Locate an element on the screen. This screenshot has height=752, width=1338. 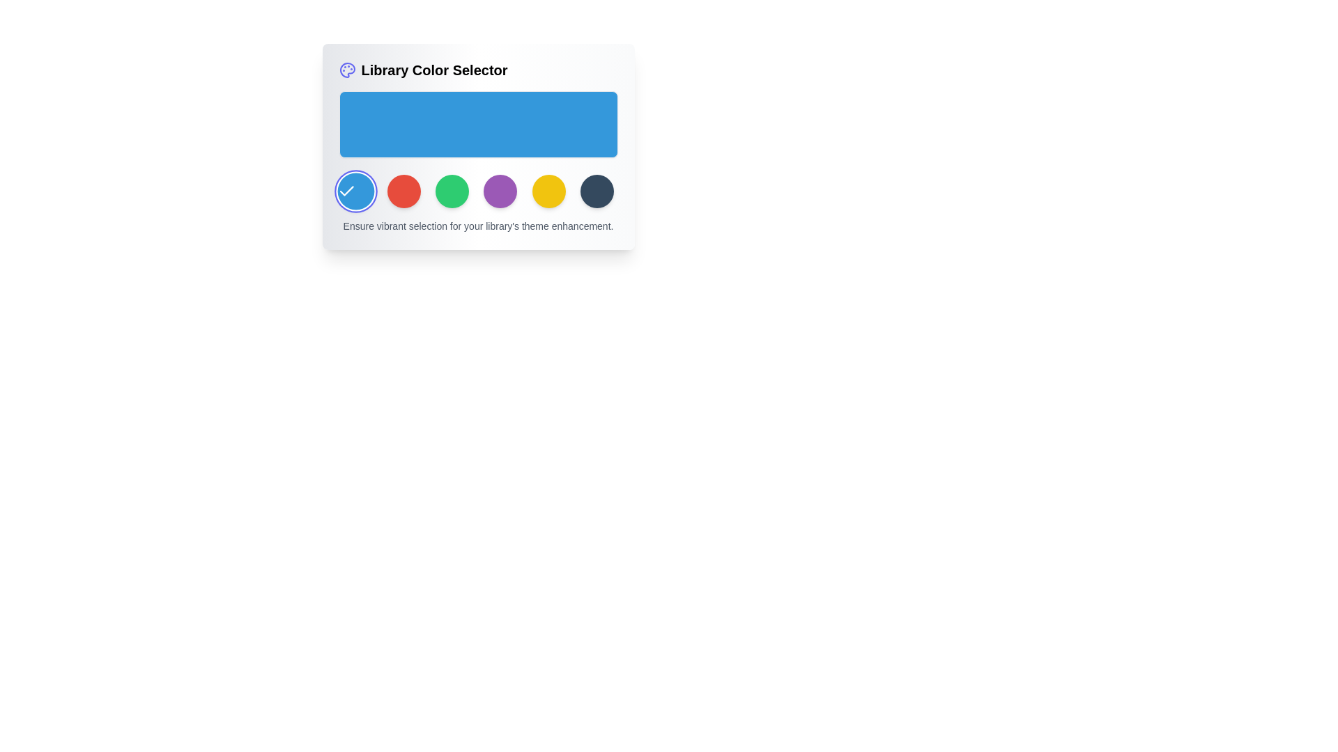
the outlined checkmark icon inside the first circular button on the left, located below the 'Library Color Selector' title and the blue rectangular section is located at coordinates (346, 191).